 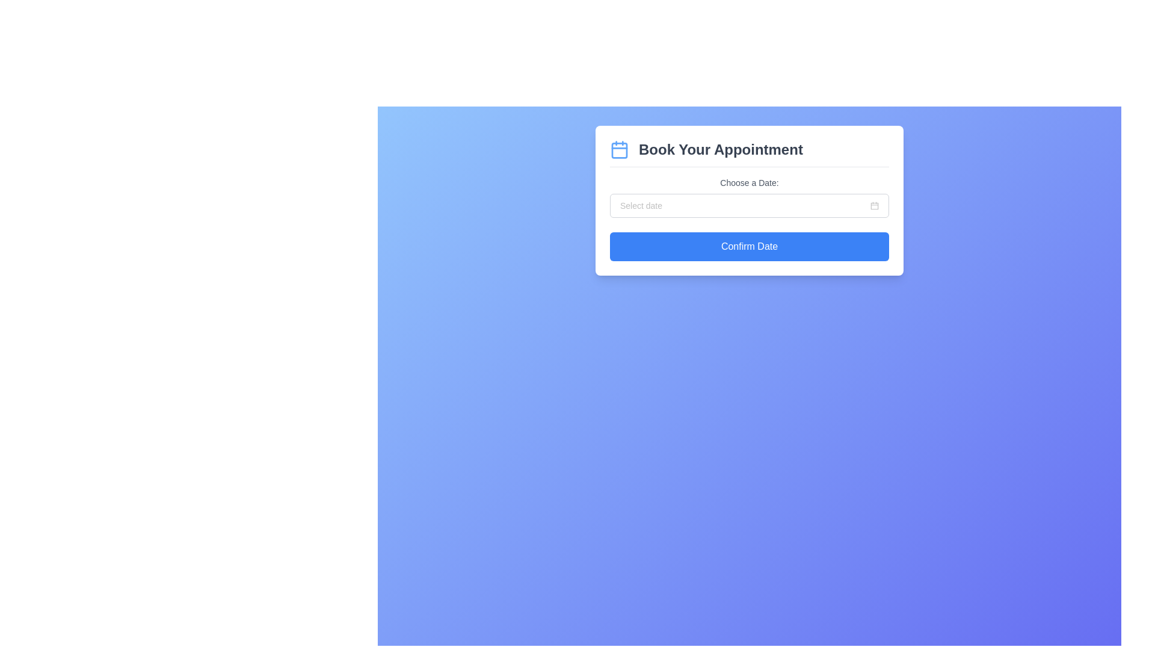 I want to click on the Text input box for date selection by, so click(x=744, y=205).